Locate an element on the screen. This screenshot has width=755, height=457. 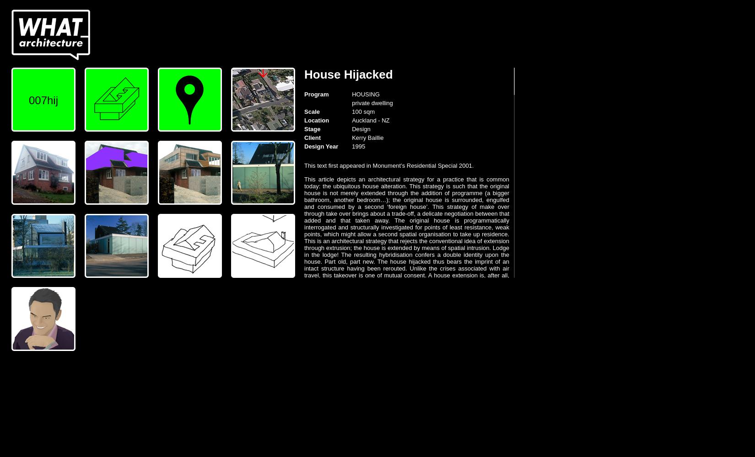
'Design Year' is located at coordinates (321, 146).